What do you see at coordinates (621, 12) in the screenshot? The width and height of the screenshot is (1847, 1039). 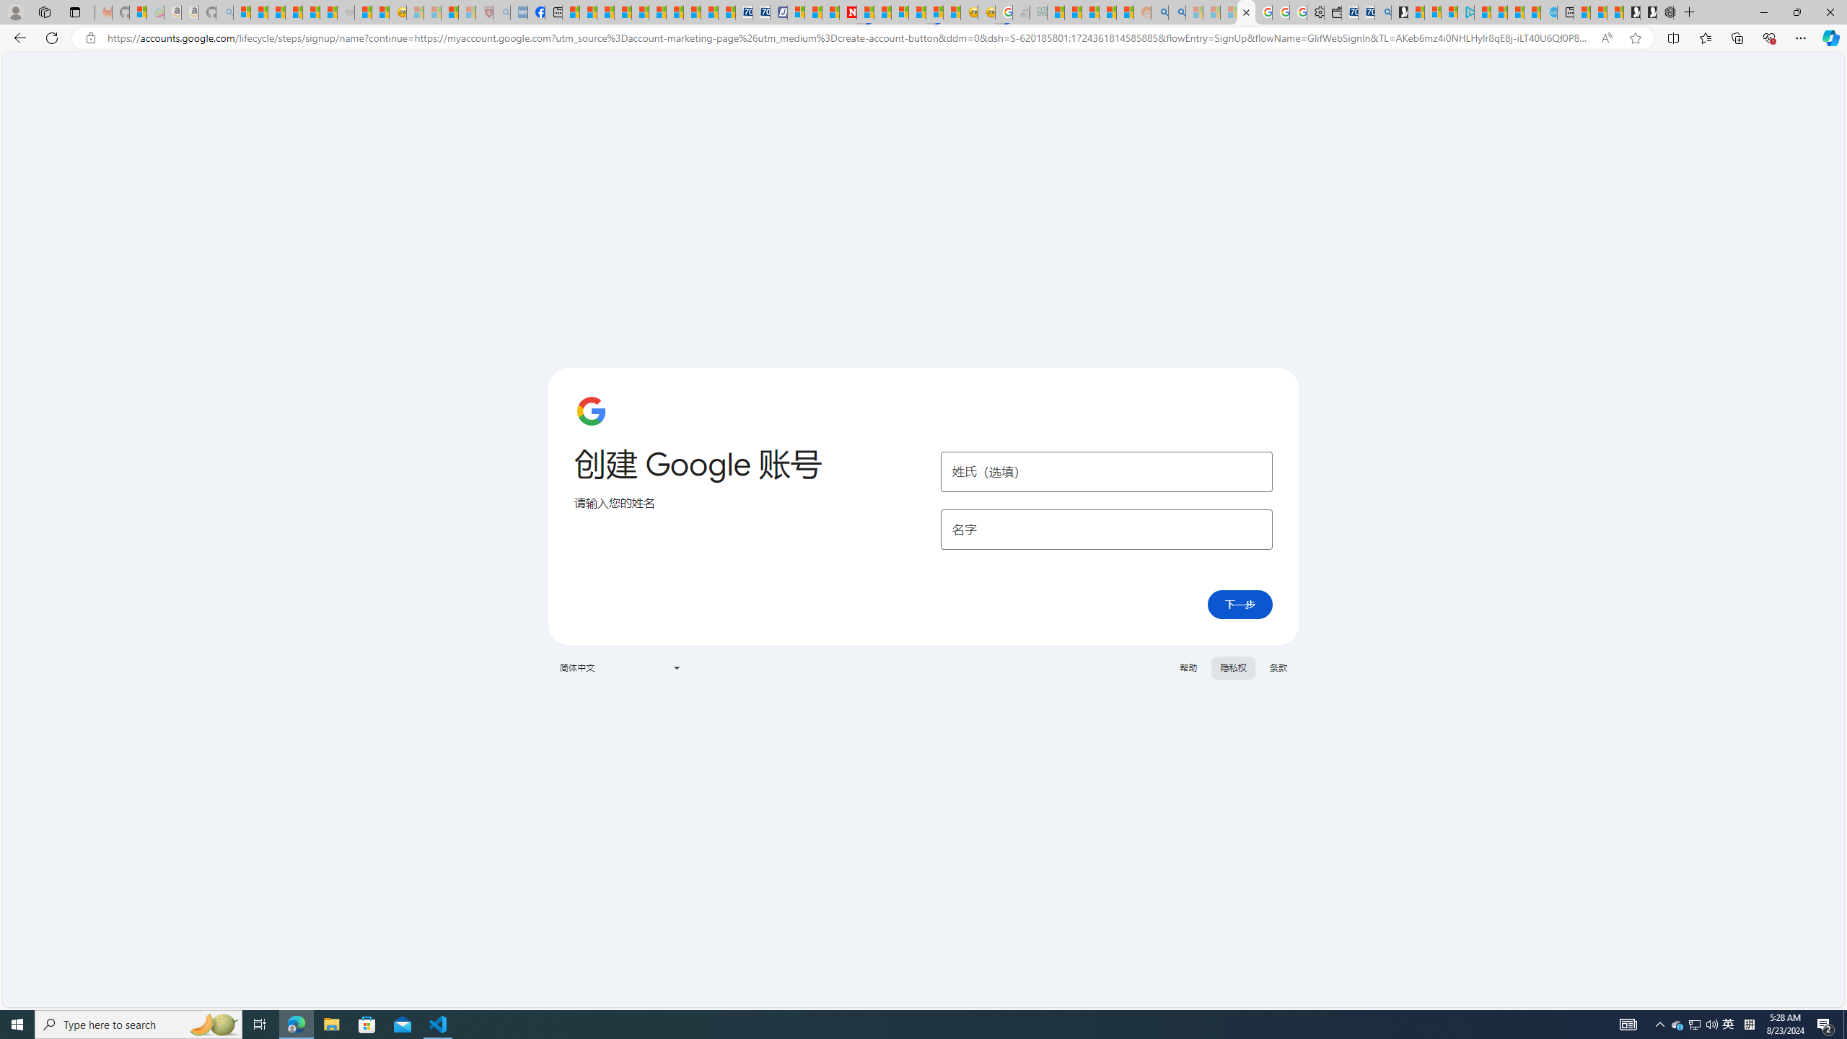 I see `'Climate Damage Becomes Too Severe To Reverse'` at bounding box center [621, 12].